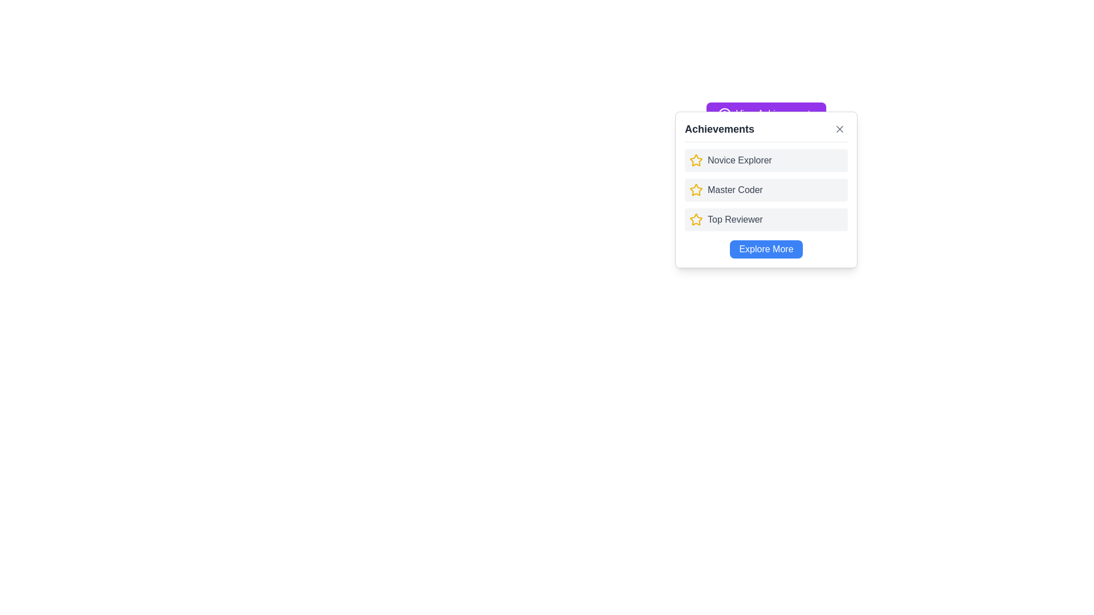 The image size is (1094, 615). What do you see at coordinates (740, 160) in the screenshot?
I see `text label displaying 'Novice Explorer', which is located in the achievements dialog, next to a yellow star icon` at bounding box center [740, 160].